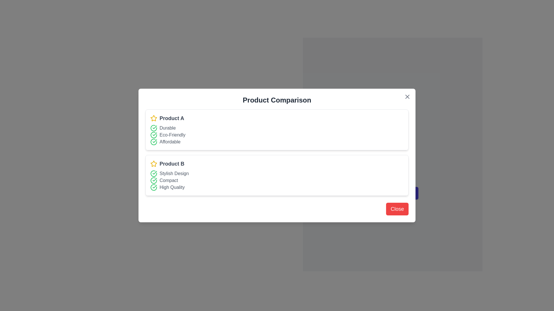 The width and height of the screenshot is (554, 311). Describe the element at coordinates (154, 173) in the screenshot. I see `the circular icon with a green outline and a white checkmark symbol, which is located to the left of the text 'Stylish Design' in the 'Product B' section of the comparison chart` at that location.